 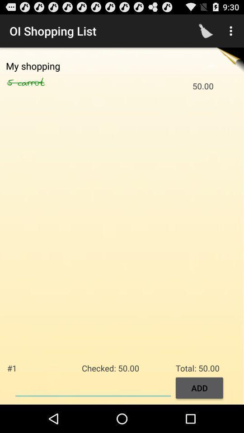 I want to click on type an entry, so click(x=93, y=387).